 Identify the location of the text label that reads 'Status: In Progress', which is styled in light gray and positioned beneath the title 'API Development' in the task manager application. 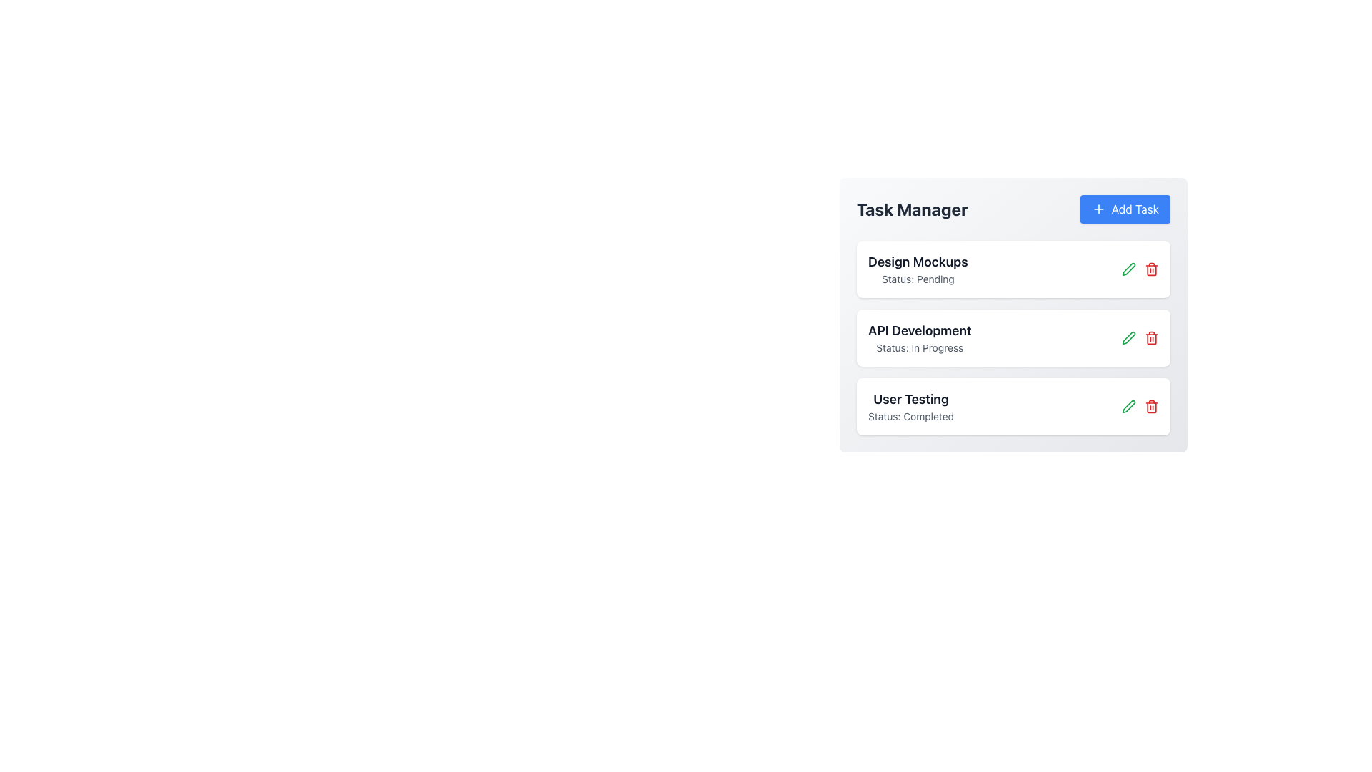
(920, 347).